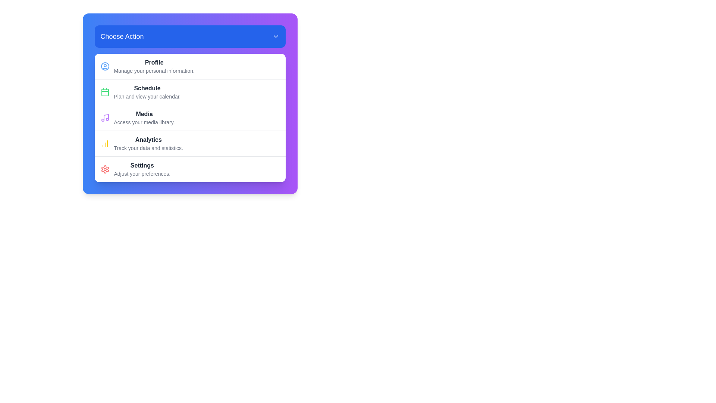 The width and height of the screenshot is (716, 403). I want to click on the decorative visual element (SVG rectangle) that represents the body of the calendar icon, located to the left of the 'Schedule' label in the second row of the list, so click(104, 92).